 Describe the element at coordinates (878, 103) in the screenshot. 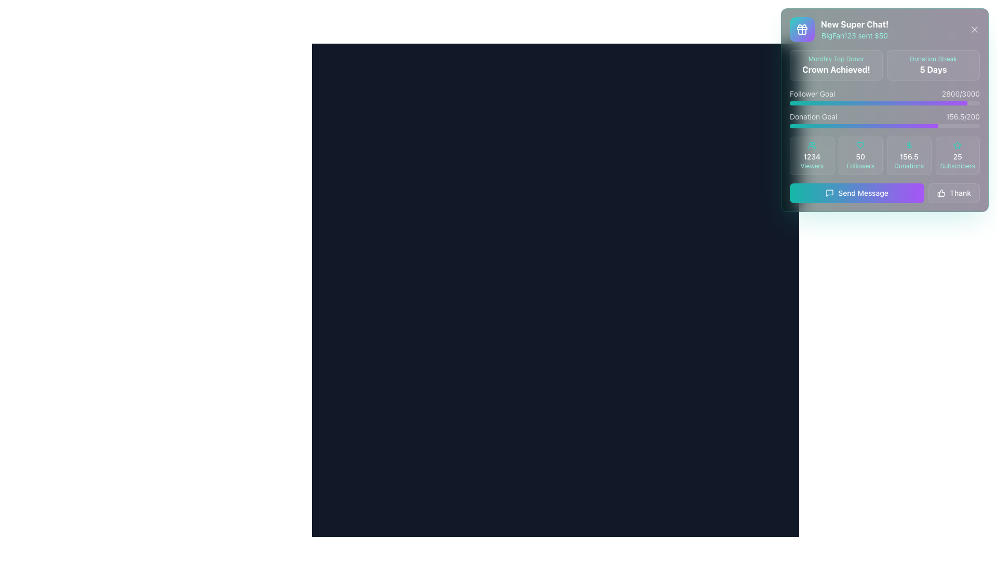

I see `the Progress Bar located in the 'Follower Goal' section` at that location.